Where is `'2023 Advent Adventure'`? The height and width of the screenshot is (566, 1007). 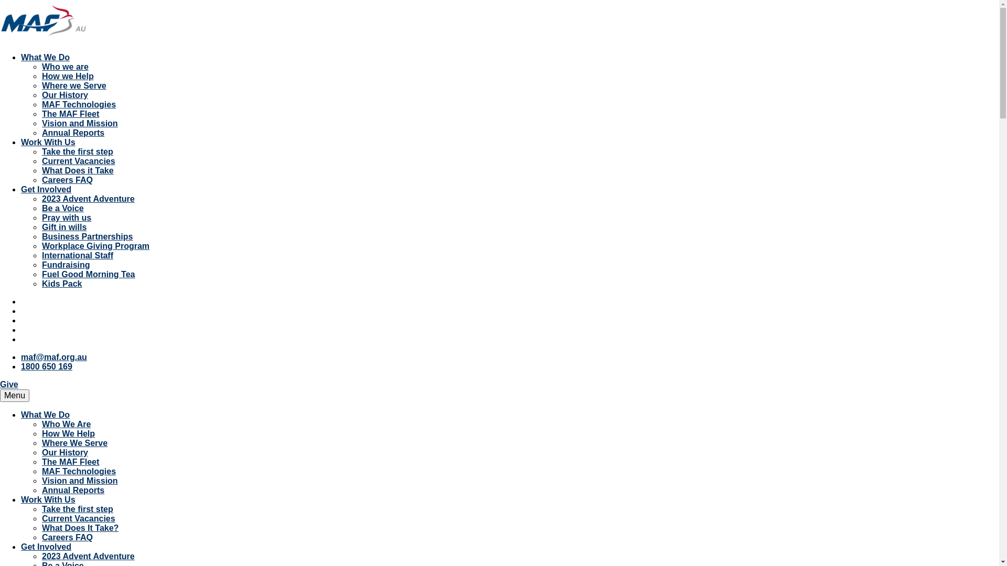 '2023 Advent Adventure' is located at coordinates (88, 556).